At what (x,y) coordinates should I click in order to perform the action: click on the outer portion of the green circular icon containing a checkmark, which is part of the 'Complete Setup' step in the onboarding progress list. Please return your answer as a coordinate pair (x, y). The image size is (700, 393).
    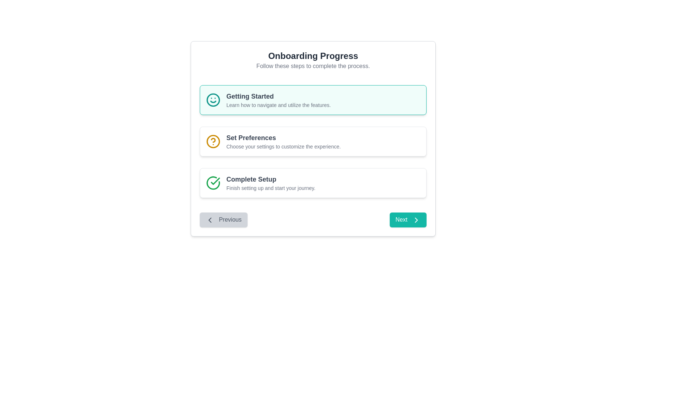
    Looking at the image, I should click on (213, 182).